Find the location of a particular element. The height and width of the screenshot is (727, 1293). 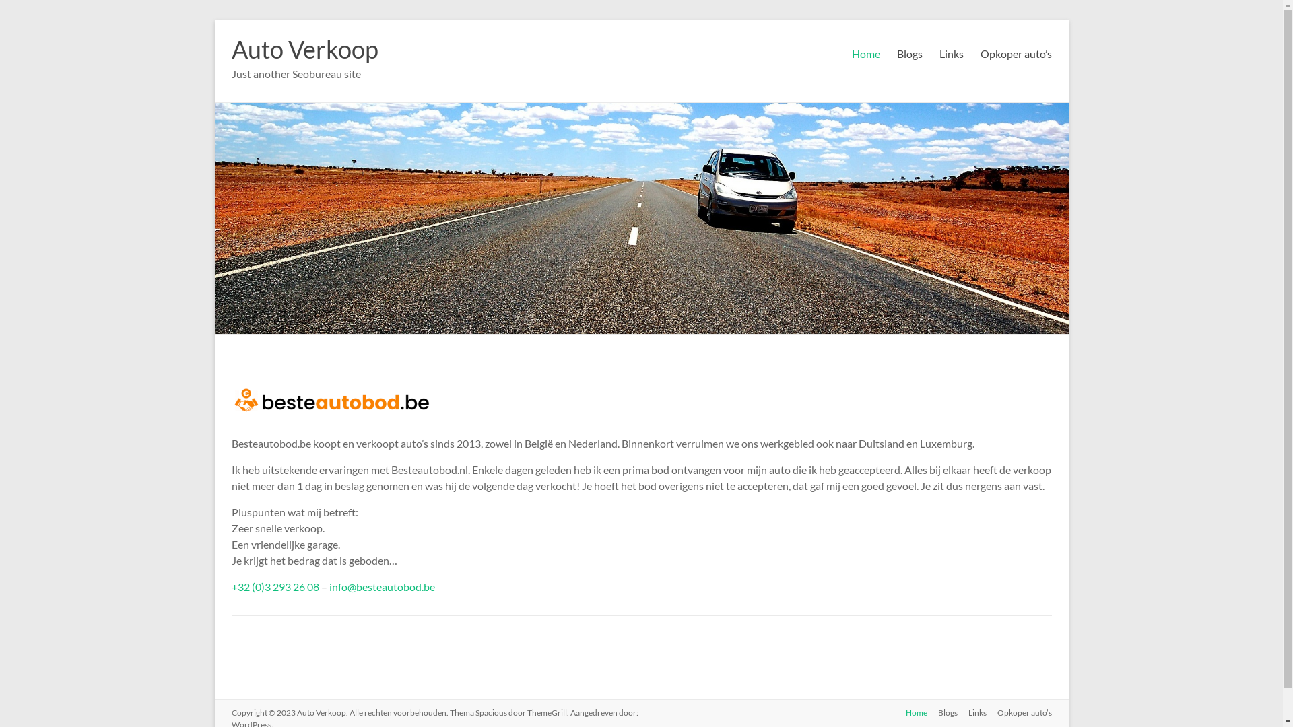

'Spacious' is located at coordinates (490, 712).